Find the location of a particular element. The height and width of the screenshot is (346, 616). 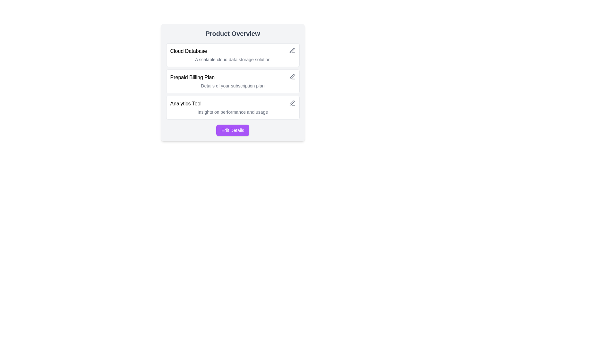

the icon button resembling a pen, which is styled with a thin stroke and gray color, located next to the 'Analytics Tool' label on the right-hand side of the 'Analytics Tool' section is located at coordinates (292, 103).